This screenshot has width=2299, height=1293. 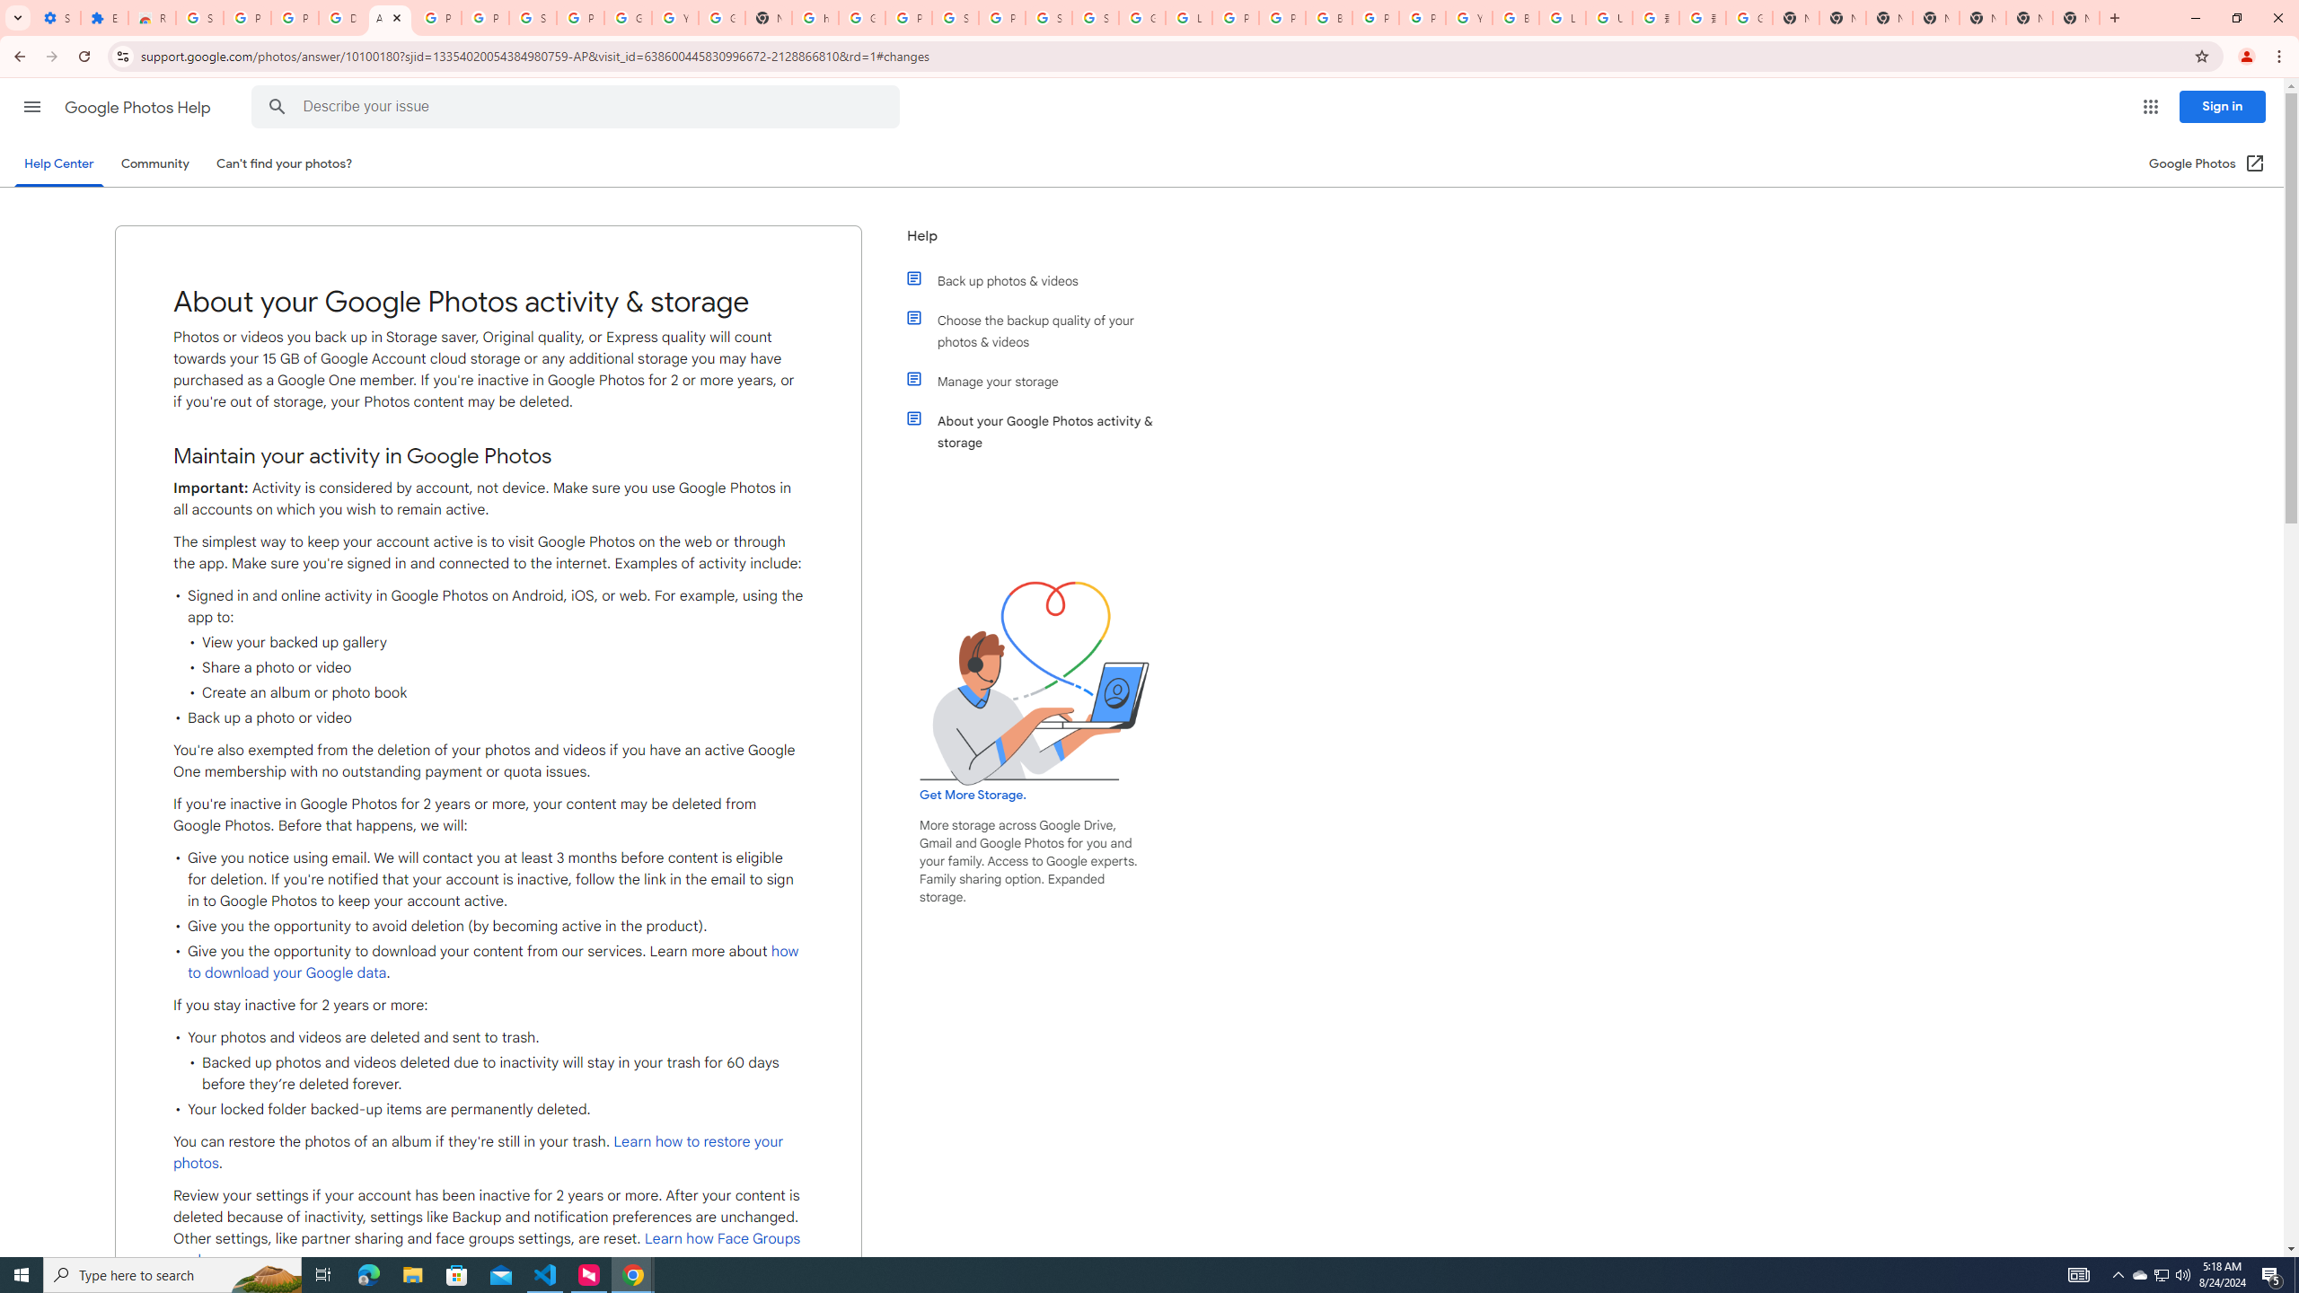 What do you see at coordinates (477, 1151) in the screenshot?
I see `'Learn how to restore your photos'` at bounding box center [477, 1151].